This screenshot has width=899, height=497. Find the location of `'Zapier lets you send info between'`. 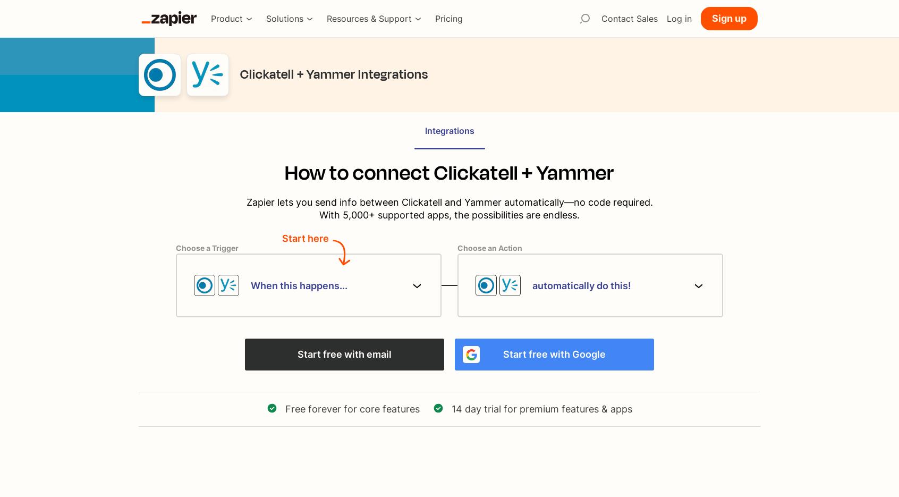

'Zapier lets you send info between' is located at coordinates (321, 201).